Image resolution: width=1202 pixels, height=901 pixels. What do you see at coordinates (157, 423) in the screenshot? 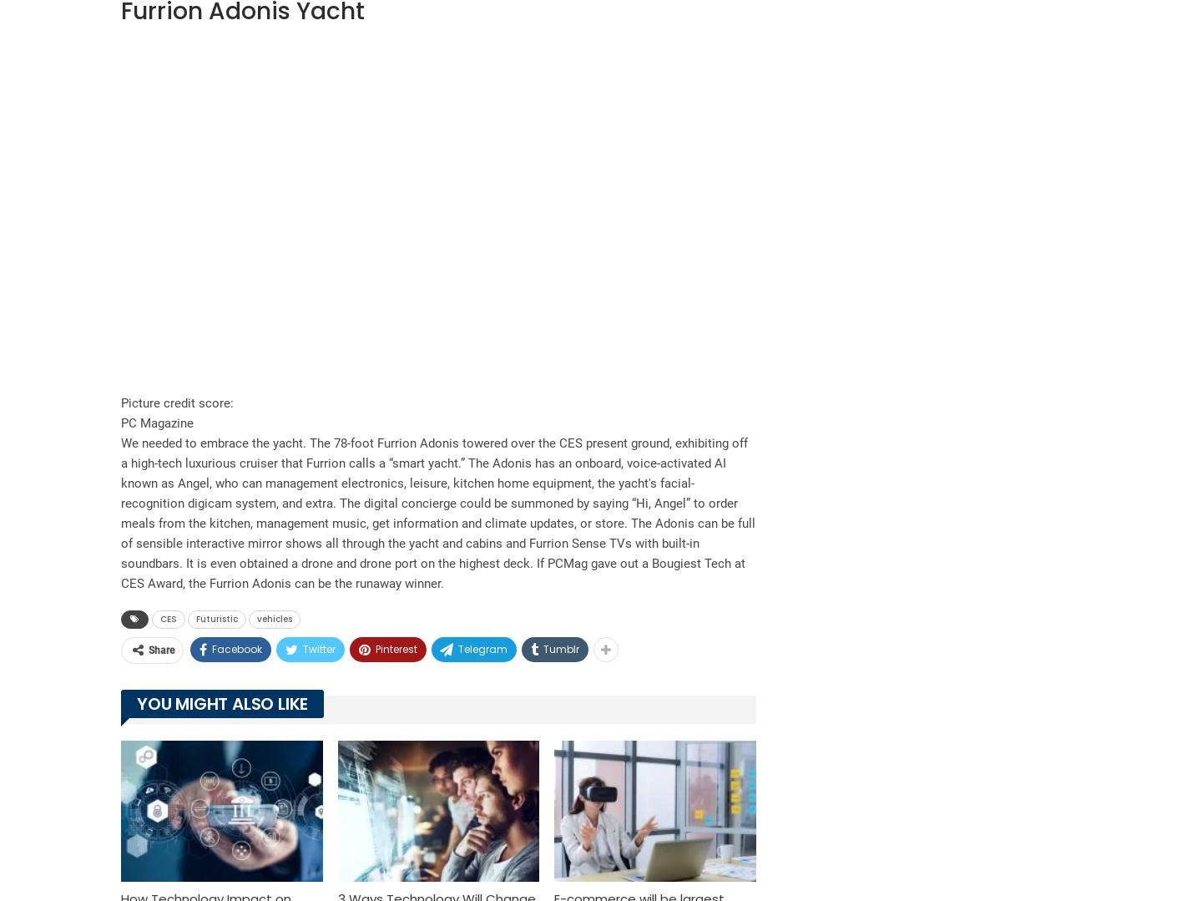
I see `'PC Magazine'` at bounding box center [157, 423].